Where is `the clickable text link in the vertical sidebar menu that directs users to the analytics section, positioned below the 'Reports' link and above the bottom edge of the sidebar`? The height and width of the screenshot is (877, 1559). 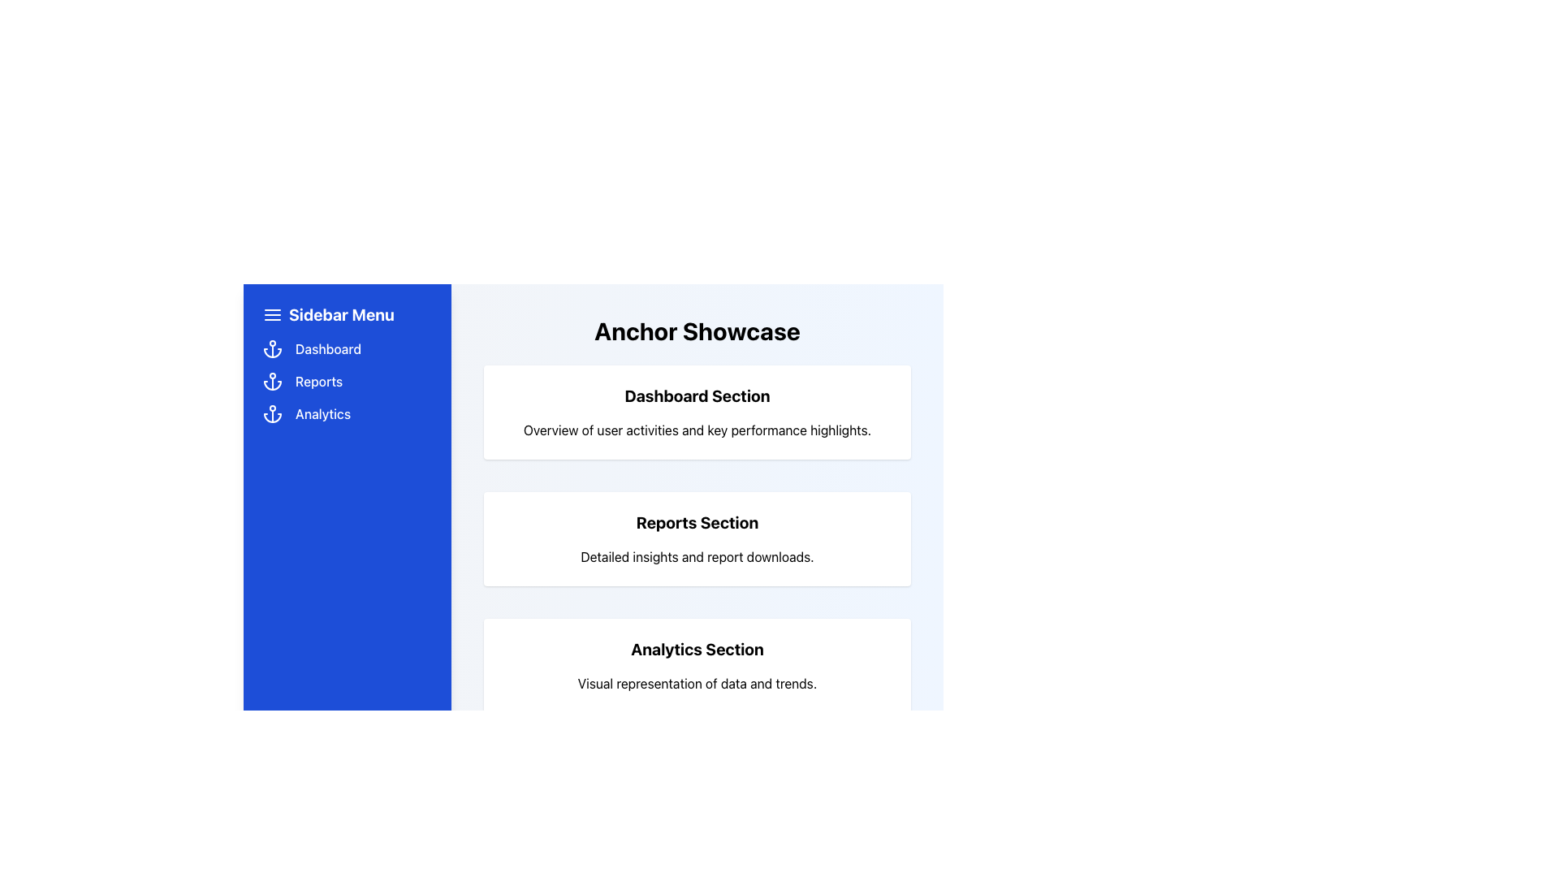
the clickable text link in the vertical sidebar menu that directs users to the analytics section, positioned below the 'Reports' link and above the bottom edge of the sidebar is located at coordinates (323, 413).